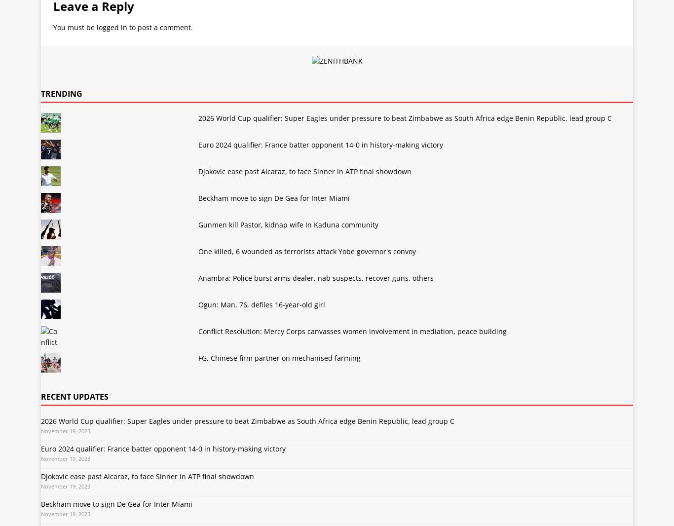 The width and height of the screenshot is (674, 526). I want to click on 'Trending', so click(61, 93).